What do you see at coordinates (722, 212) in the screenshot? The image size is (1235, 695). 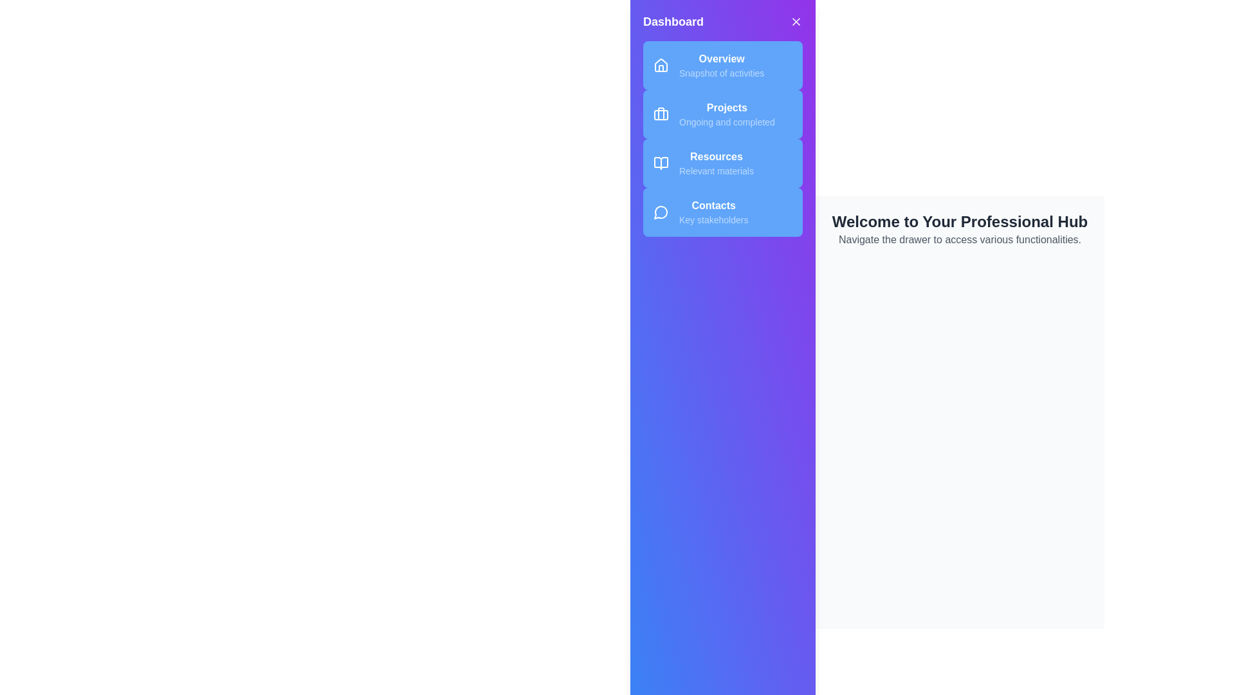 I see `the menu item labeled Contacts to navigate to its section` at bounding box center [722, 212].